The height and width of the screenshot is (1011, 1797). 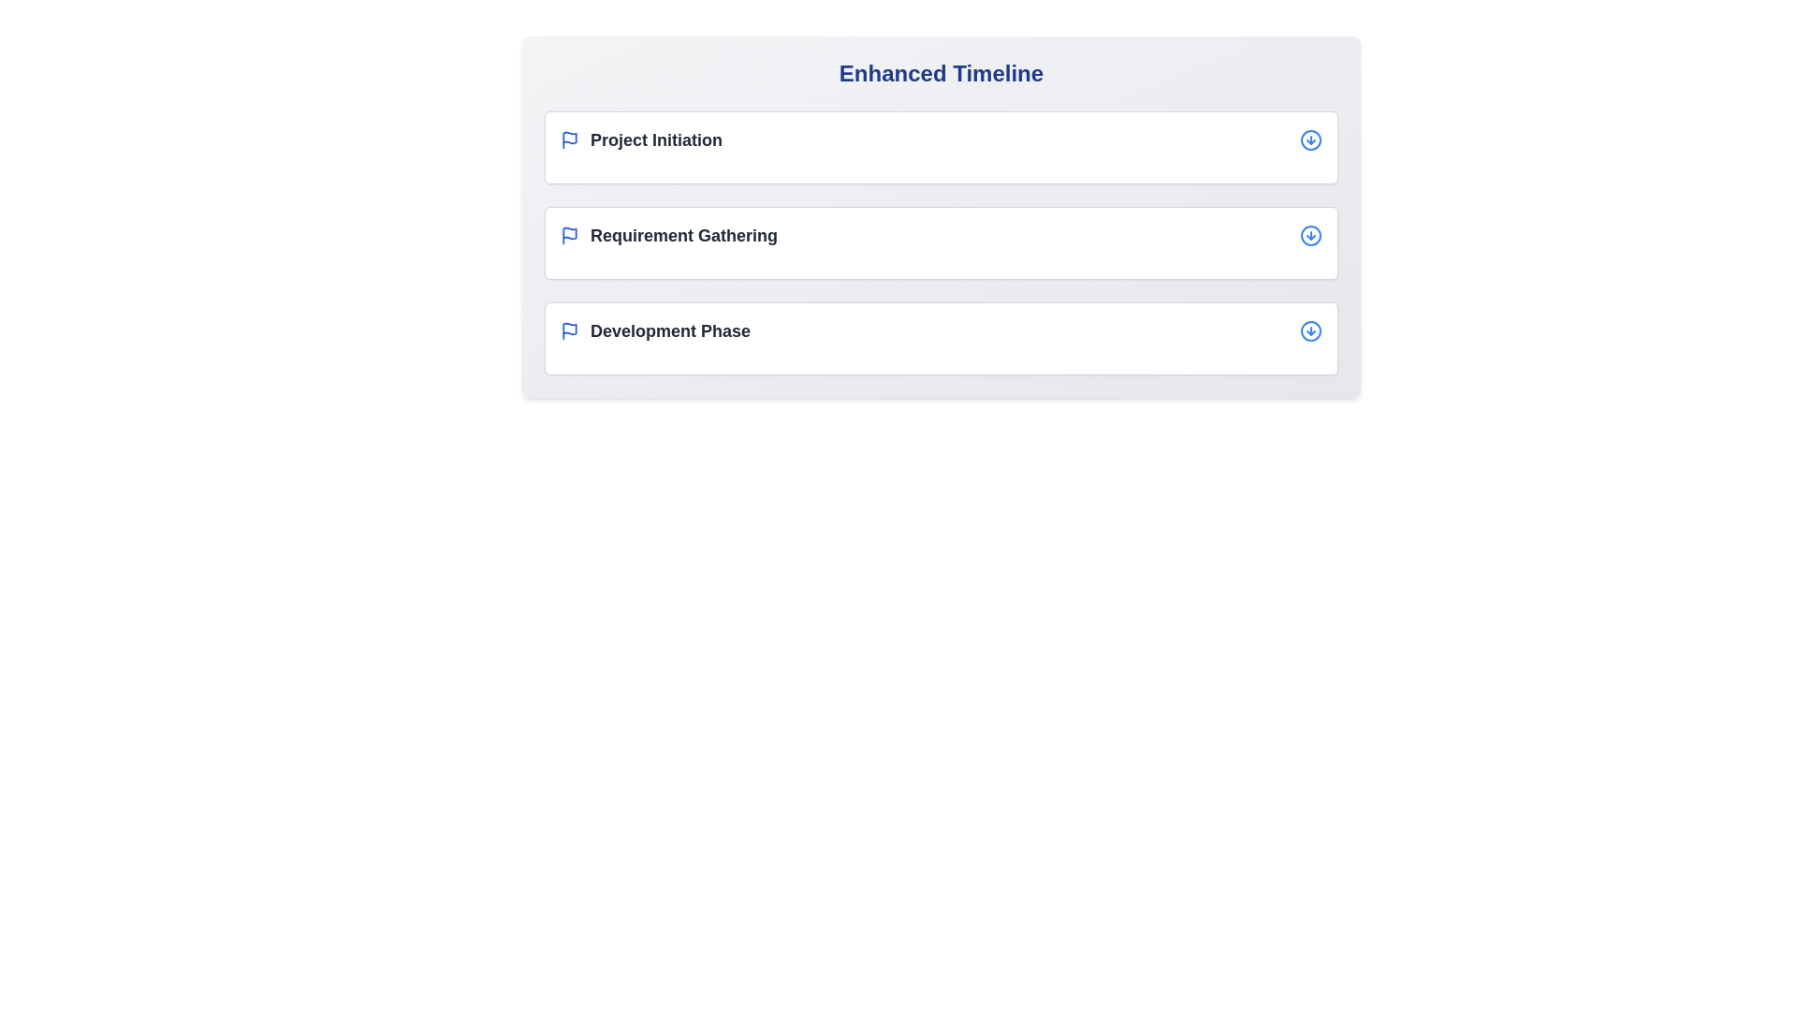 I want to click on the text label indicating the third phase of development within the 'Enhanced Timeline' card, which is positioned below 'Requirement Gathering', so click(x=670, y=330).